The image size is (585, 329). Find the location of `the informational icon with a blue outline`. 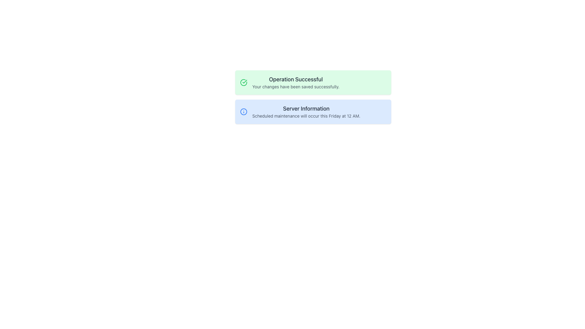

the informational icon with a blue outline is located at coordinates (244, 111).